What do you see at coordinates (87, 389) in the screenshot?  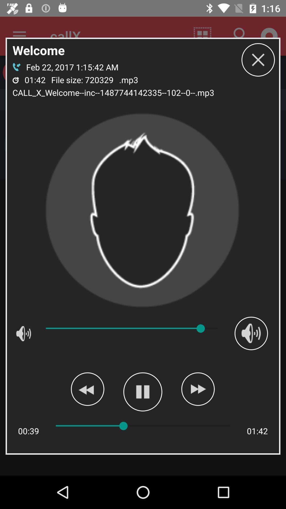 I see `tracks backward for an audio file` at bounding box center [87, 389].